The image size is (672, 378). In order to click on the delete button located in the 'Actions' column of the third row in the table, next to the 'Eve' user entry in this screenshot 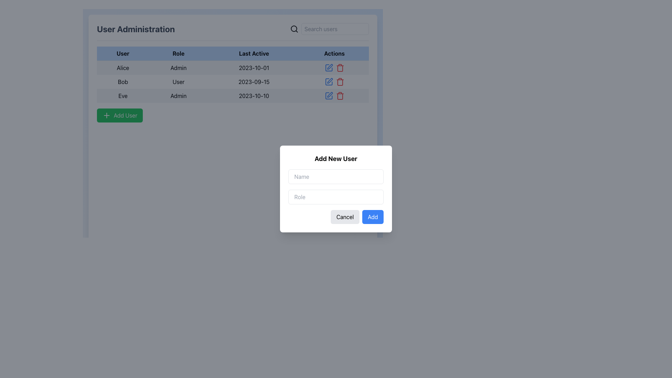, I will do `click(340, 96)`.